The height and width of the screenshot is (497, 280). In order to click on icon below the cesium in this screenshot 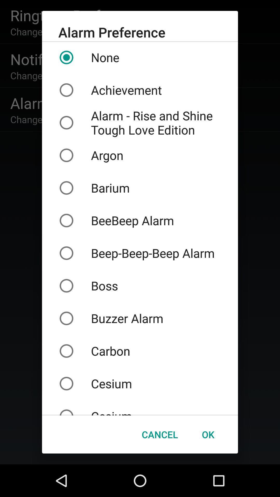, I will do `click(159, 434)`.